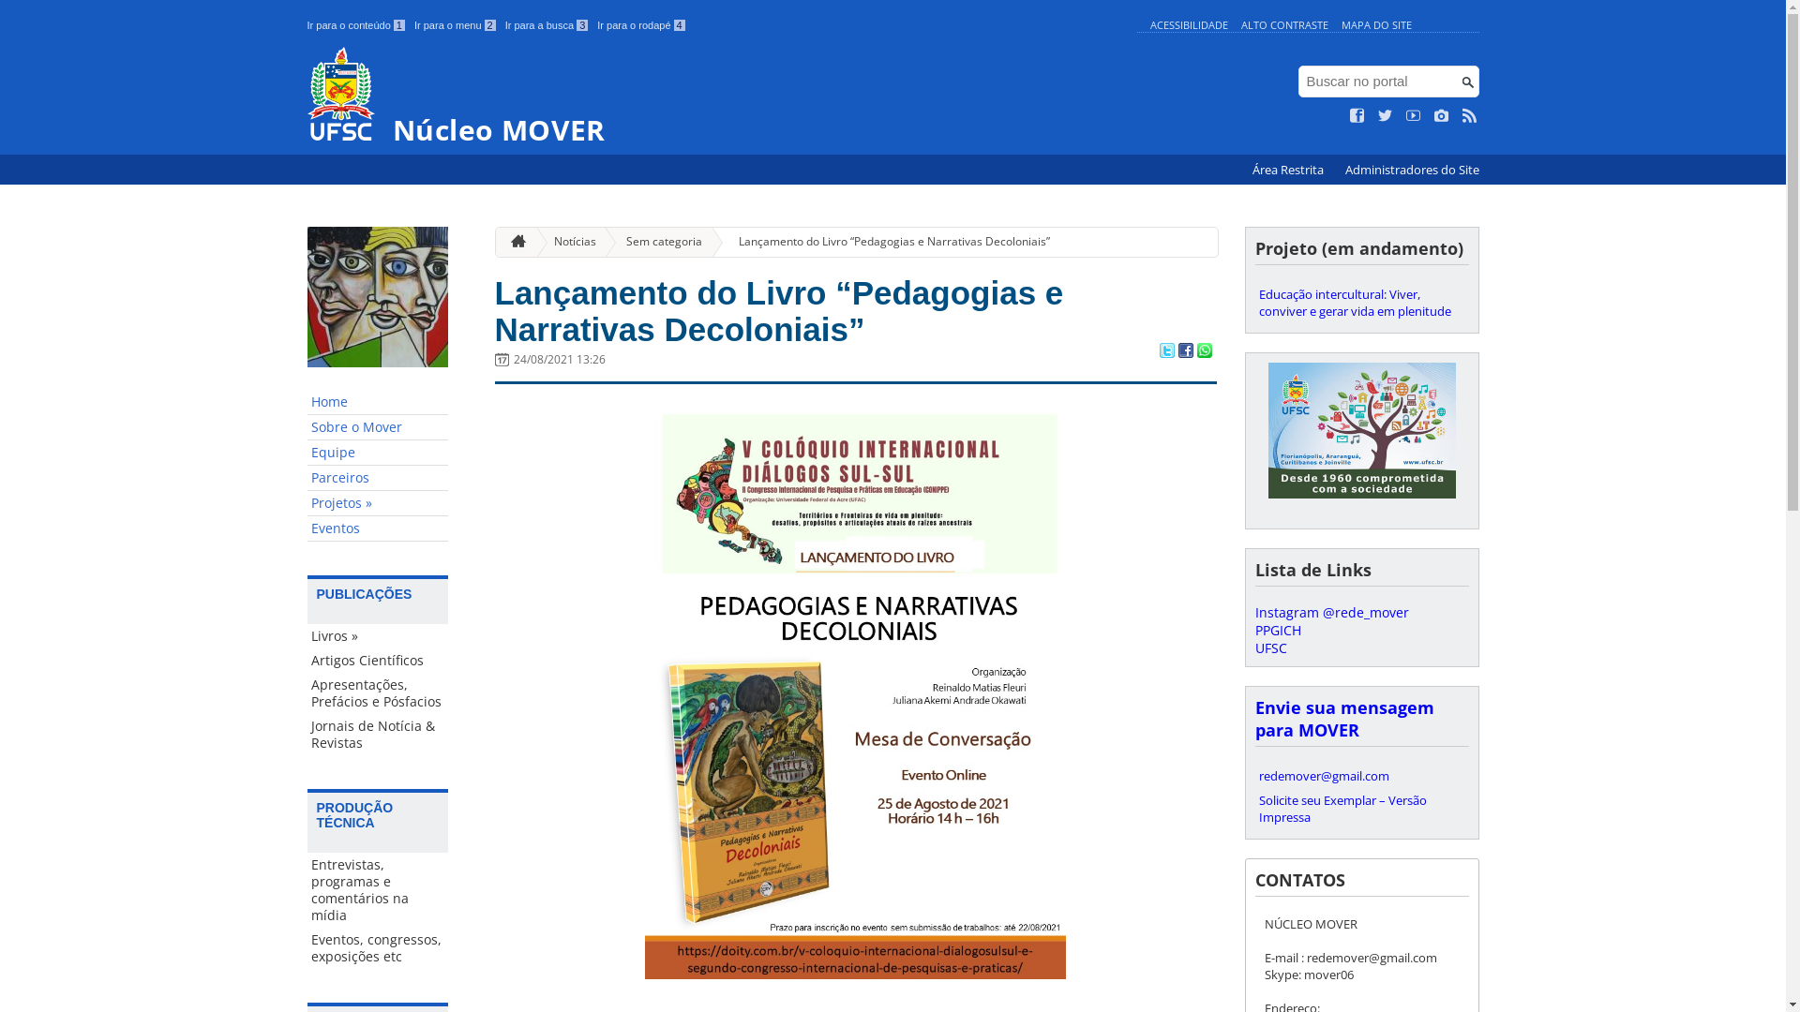  What do you see at coordinates (1375, 24) in the screenshot?
I see `'MAPA DO SITE'` at bounding box center [1375, 24].